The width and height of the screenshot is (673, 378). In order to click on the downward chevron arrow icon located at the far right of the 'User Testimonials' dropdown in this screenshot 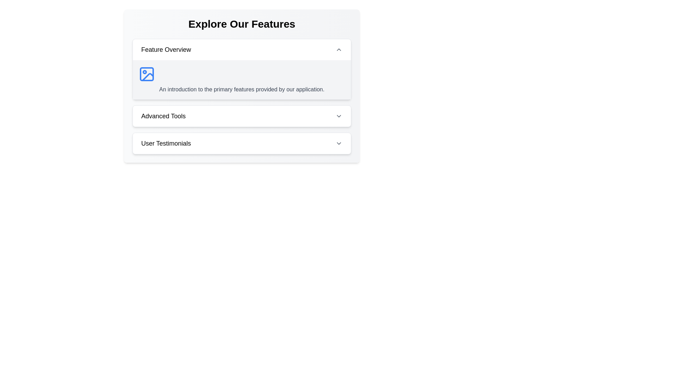, I will do `click(339, 143)`.